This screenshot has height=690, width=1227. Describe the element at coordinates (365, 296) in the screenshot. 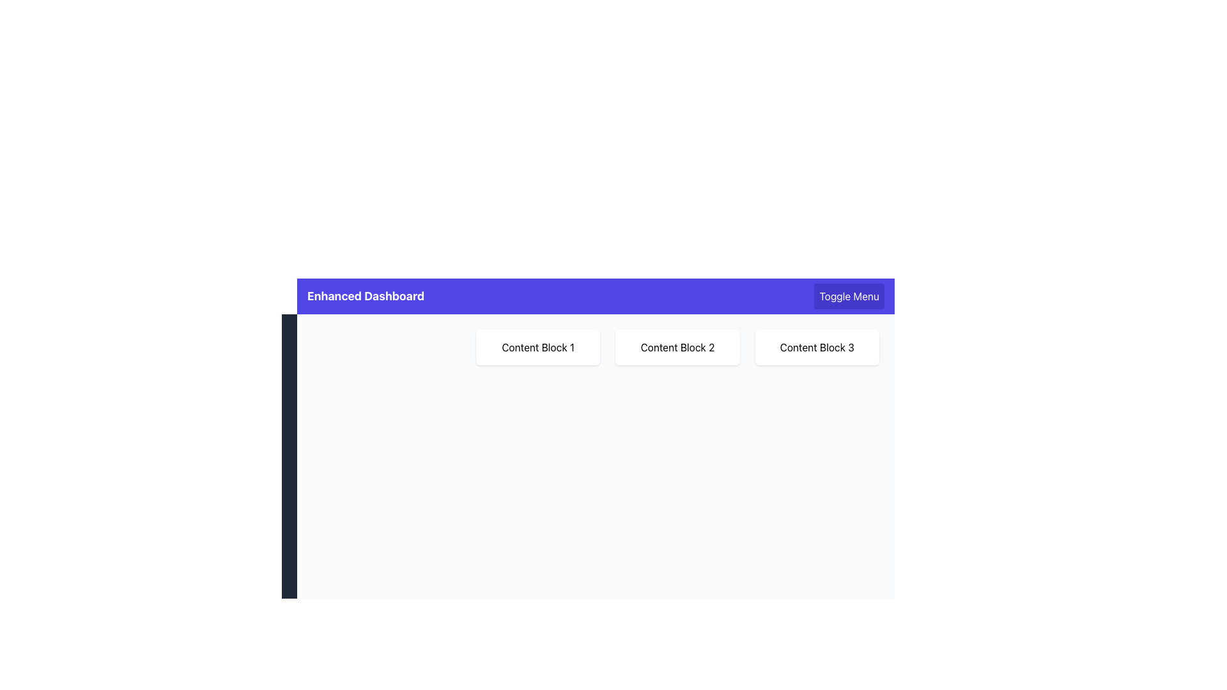

I see `the 'Enhanced Dashboard' static text label located in the top left section of the purple navigation bar, which is aligned horizontally with the 'Toggle Menu' button` at that location.